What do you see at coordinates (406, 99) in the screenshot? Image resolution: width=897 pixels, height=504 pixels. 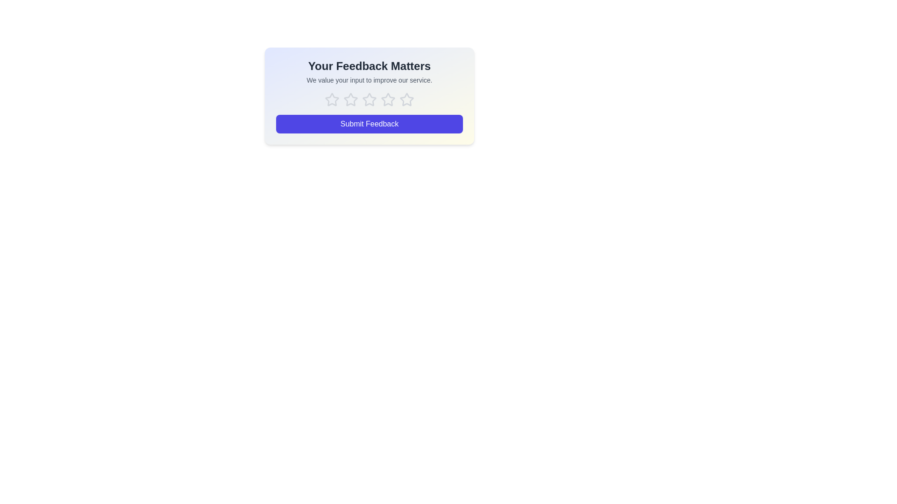 I see `the fourth hollow star icon in the rating component` at bounding box center [406, 99].